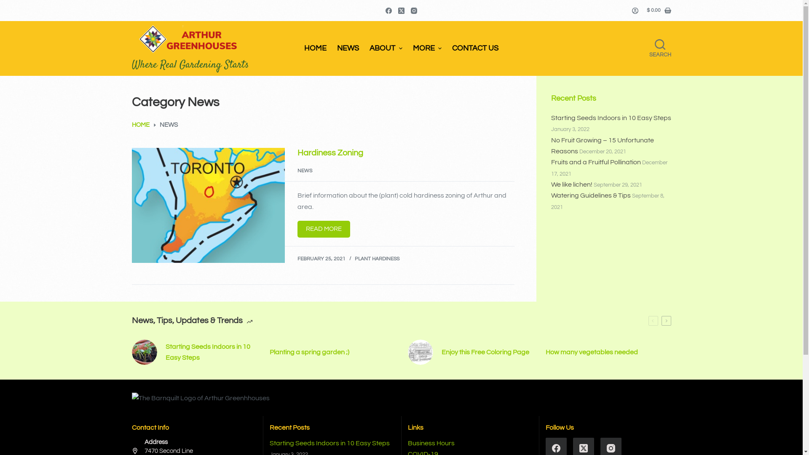 Image resolution: width=809 pixels, height=455 pixels. Describe the element at coordinates (572, 184) in the screenshot. I see `'We like lichen!'` at that location.